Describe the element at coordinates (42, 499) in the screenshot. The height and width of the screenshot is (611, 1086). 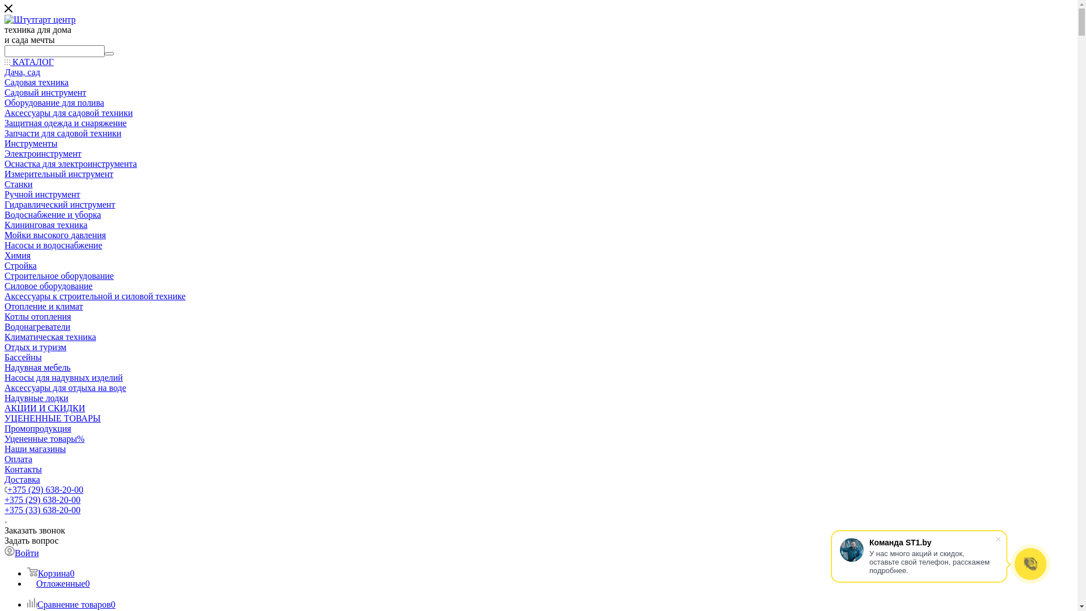
I see `'+375 (29) 638-20-00'` at that location.